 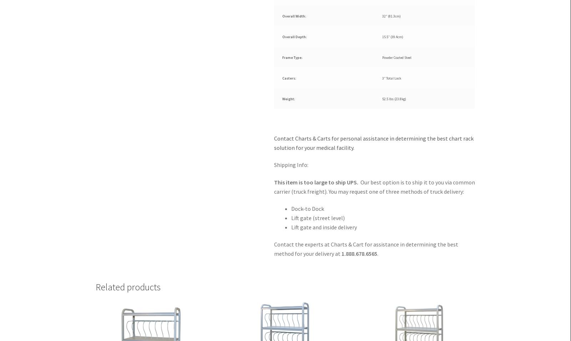 What do you see at coordinates (288, 98) in the screenshot?
I see `'Weight:'` at bounding box center [288, 98].